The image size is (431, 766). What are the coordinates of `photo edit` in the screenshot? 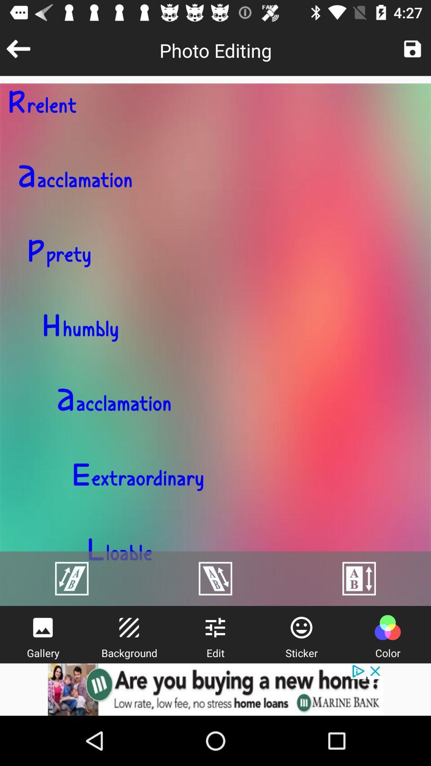 It's located at (412, 48).